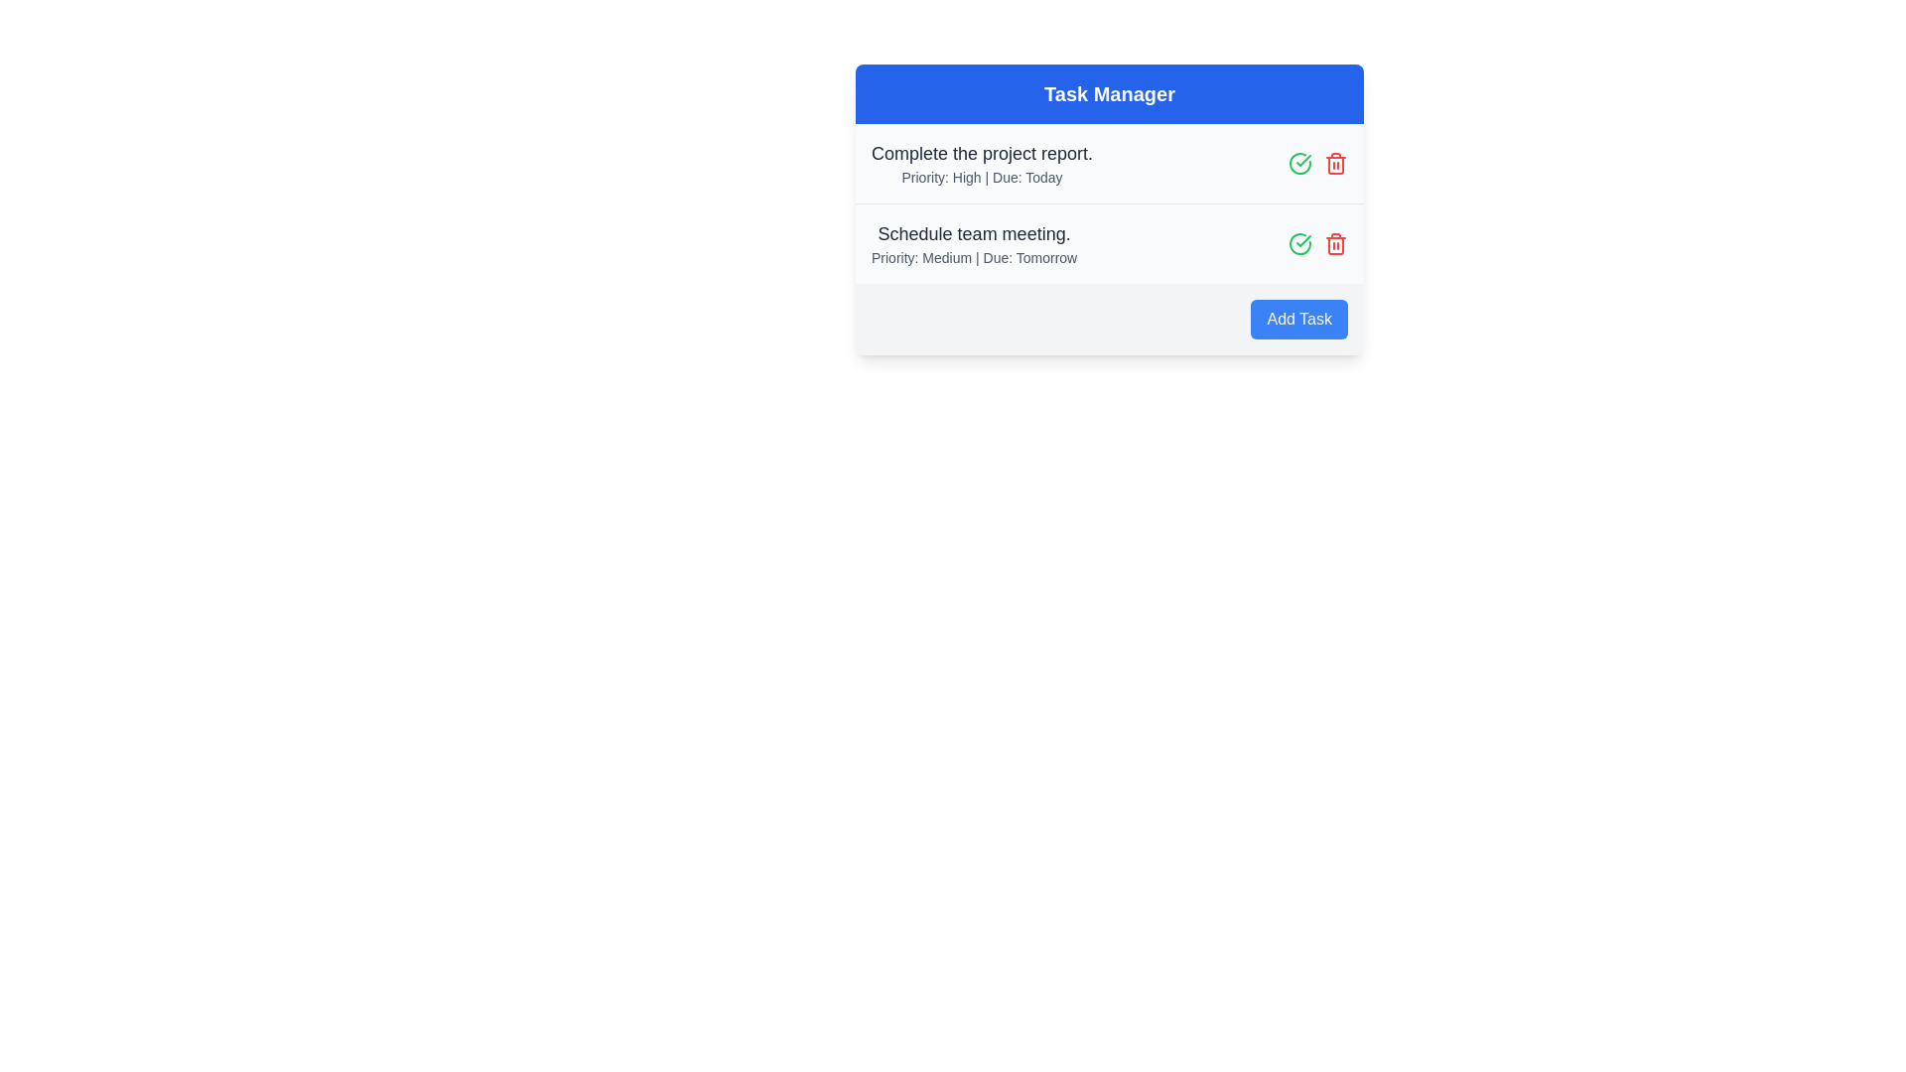 This screenshot has height=1072, width=1906. What do you see at coordinates (1335, 243) in the screenshot?
I see `the red-colored trash icon in the second row of task items` at bounding box center [1335, 243].